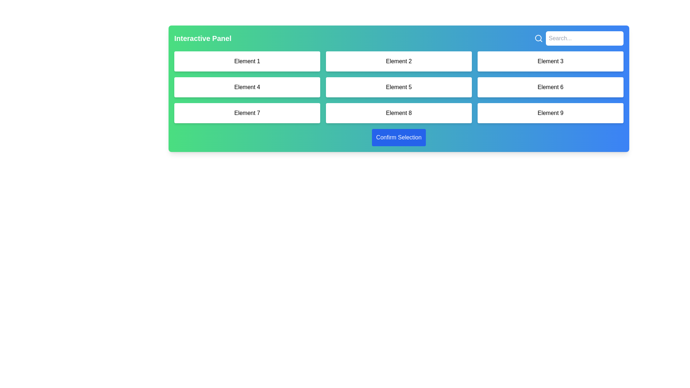 The image size is (690, 388). What do you see at coordinates (398, 61) in the screenshot?
I see `the Grid Item with rounded borders and centered text reading 'Element 2', located in the first row and second column of the grid layout` at bounding box center [398, 61].